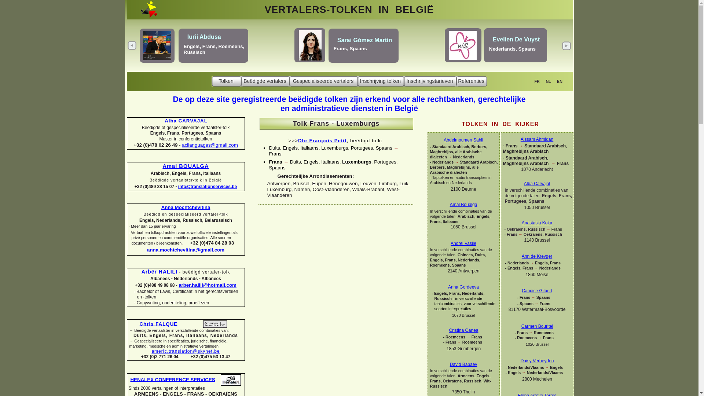  I want to click on 'David Babaev - Henalex Conference Services', so click(230, 379).